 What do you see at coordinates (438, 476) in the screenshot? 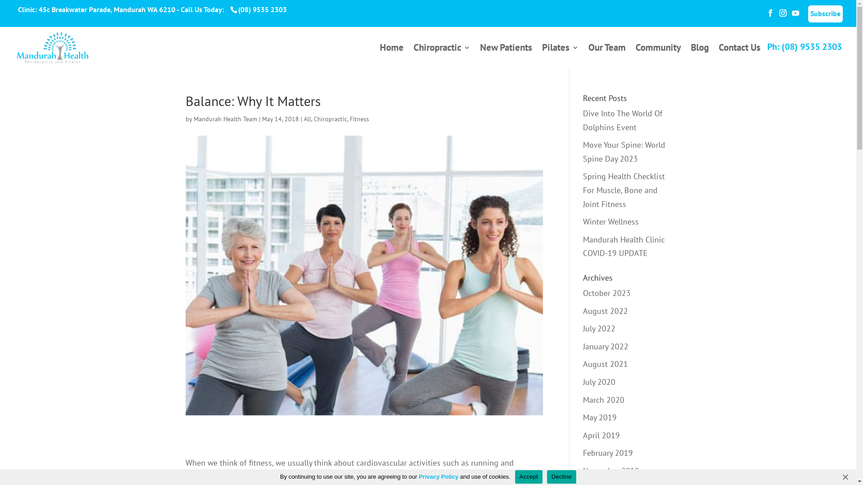
I see `'Privacy Policy'` at bounding box center [438, 476].